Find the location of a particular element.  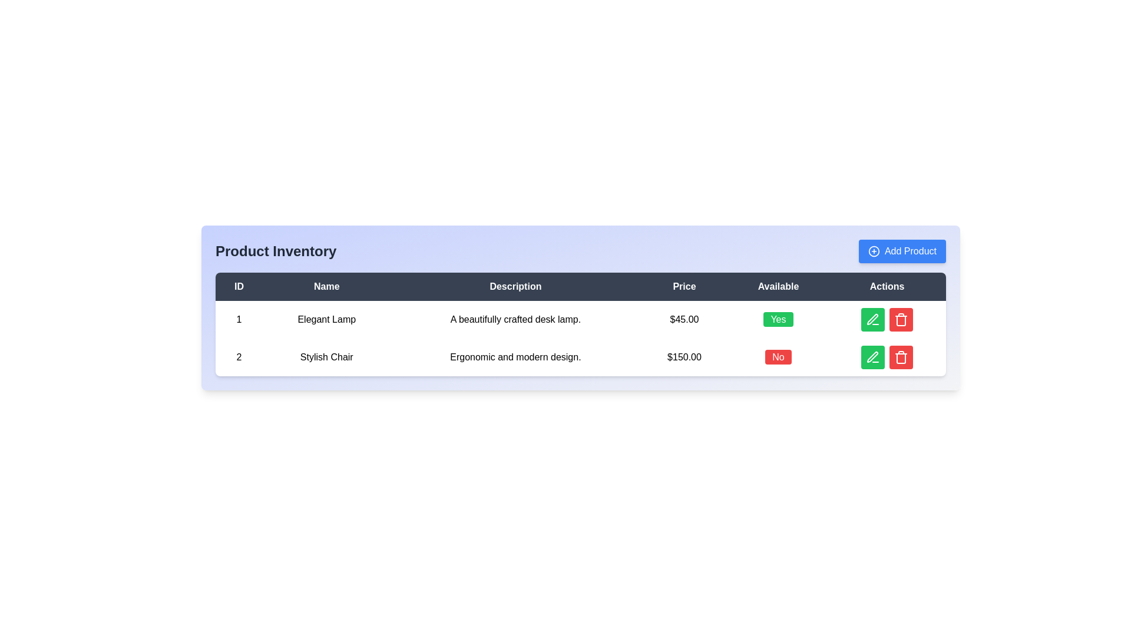

the edit button in the second row of the action column within the table is located at coordinates (873, 320).